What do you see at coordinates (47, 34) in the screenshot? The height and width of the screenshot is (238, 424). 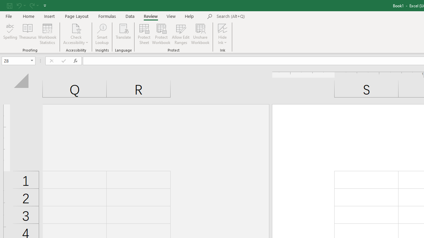 I see `'Workbook Statistics'` at bounding box center [47, 34].